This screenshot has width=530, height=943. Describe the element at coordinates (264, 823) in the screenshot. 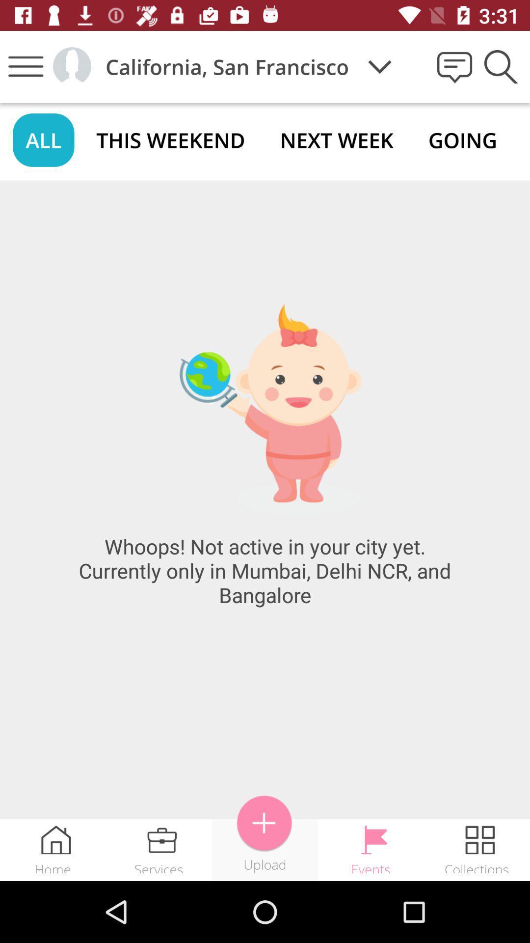

I see `the add icon` at that location.